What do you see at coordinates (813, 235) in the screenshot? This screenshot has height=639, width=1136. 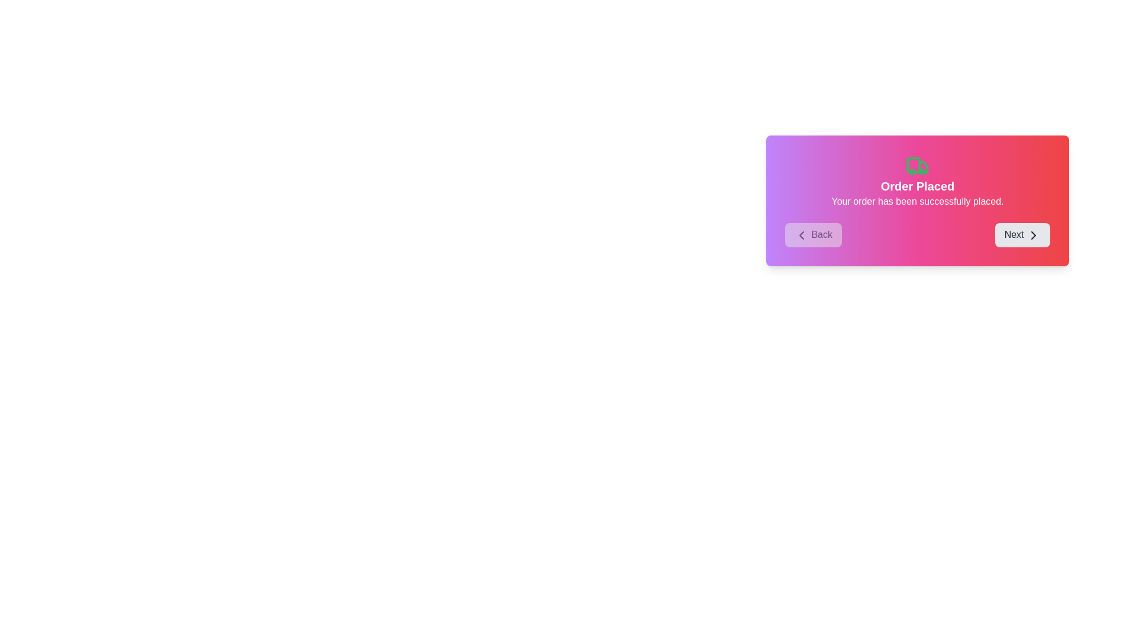 I see `'Back' button to return to the previous step` at bounding box center [813, 235].